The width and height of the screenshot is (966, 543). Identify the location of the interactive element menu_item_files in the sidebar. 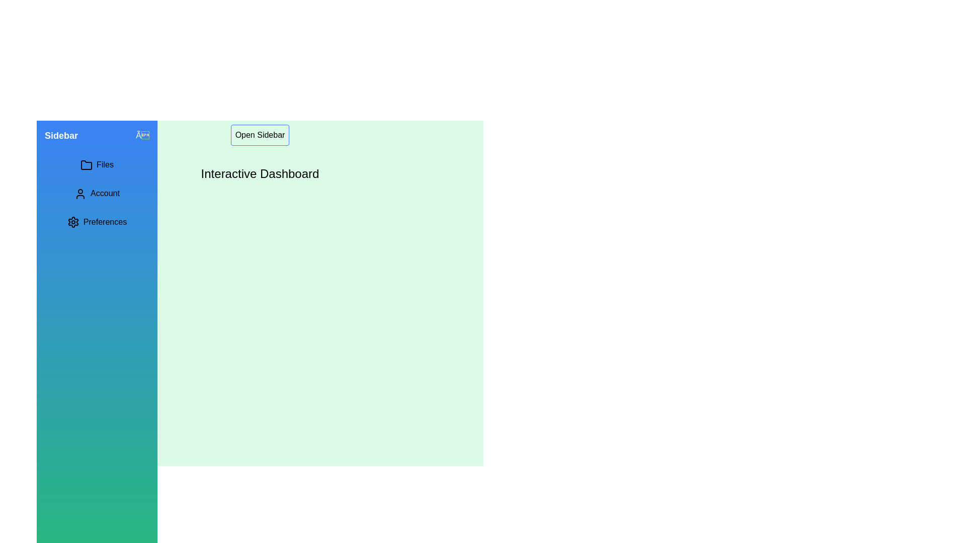
(97, 164).